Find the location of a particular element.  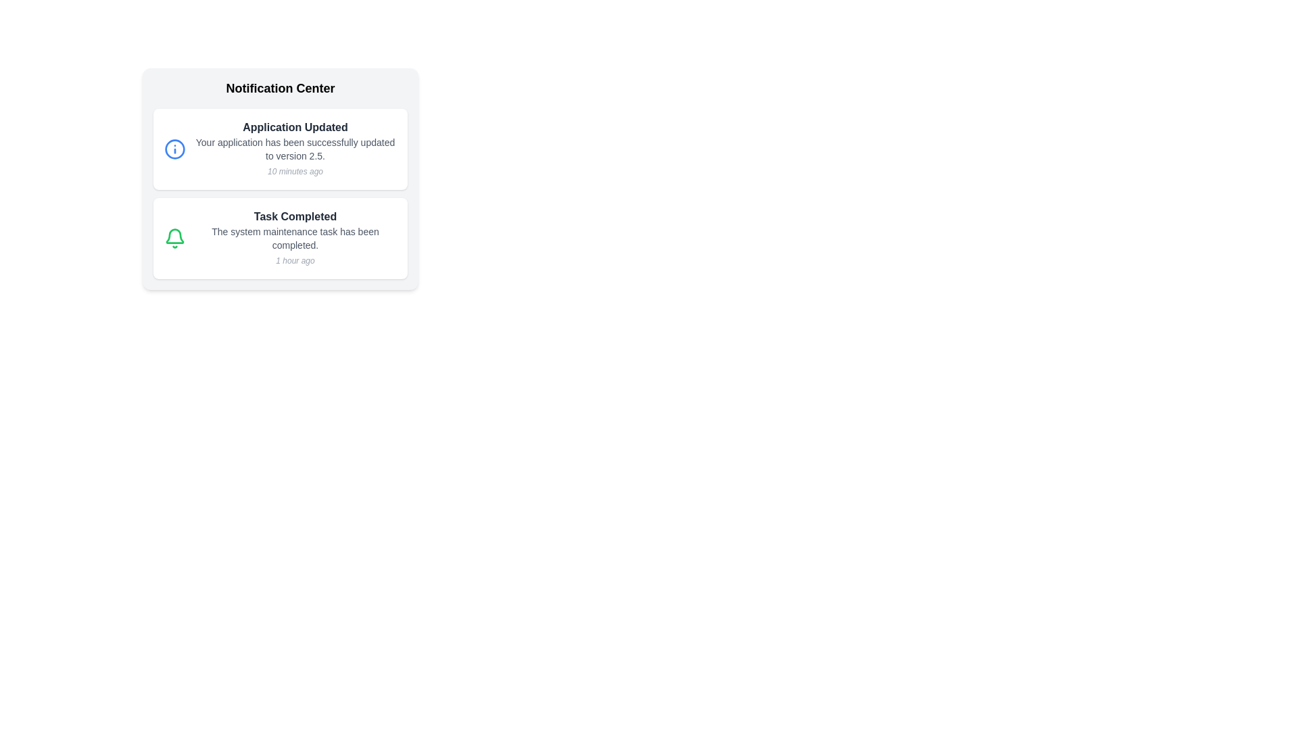

the green bell icon located in the second notification card under the 'Notification Center', adjacent to the 'Task Completed' title is located at coordinates (174, 238).